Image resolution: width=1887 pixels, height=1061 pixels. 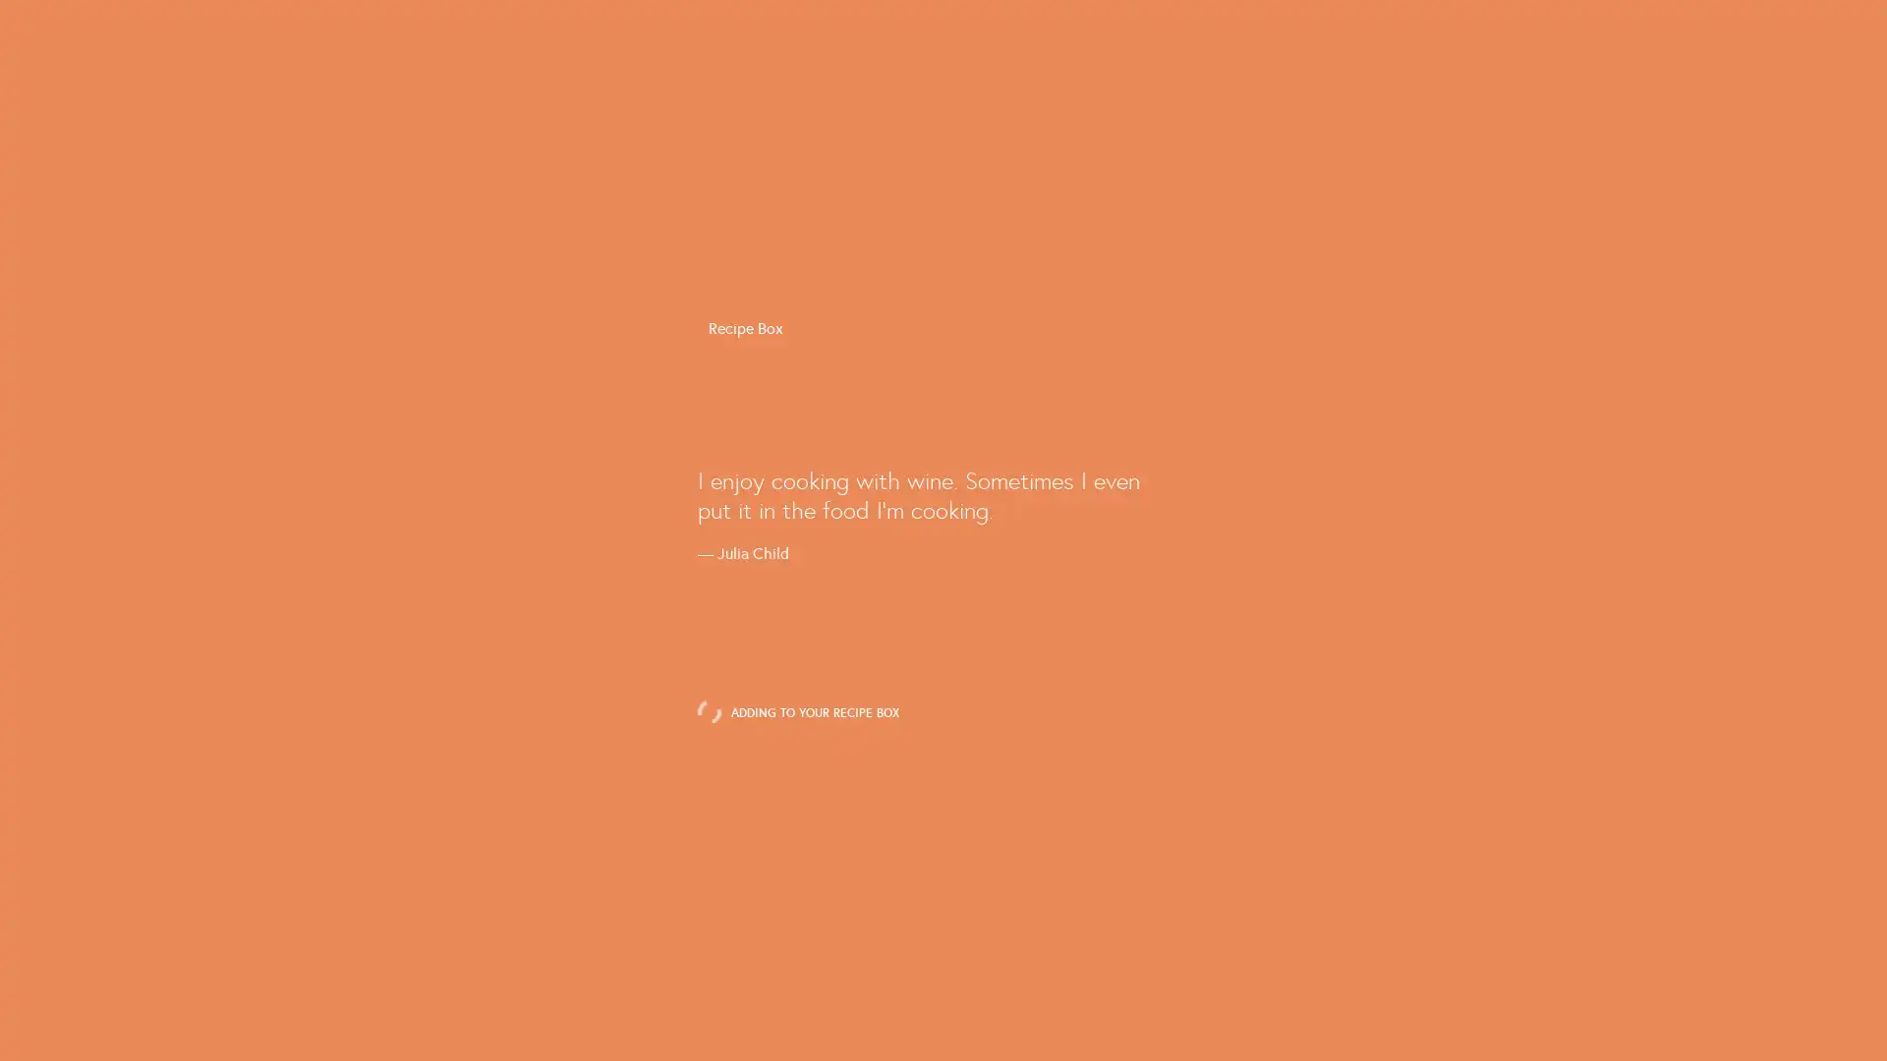 I want to click on Connect with Email, so click(x=942, y=659).